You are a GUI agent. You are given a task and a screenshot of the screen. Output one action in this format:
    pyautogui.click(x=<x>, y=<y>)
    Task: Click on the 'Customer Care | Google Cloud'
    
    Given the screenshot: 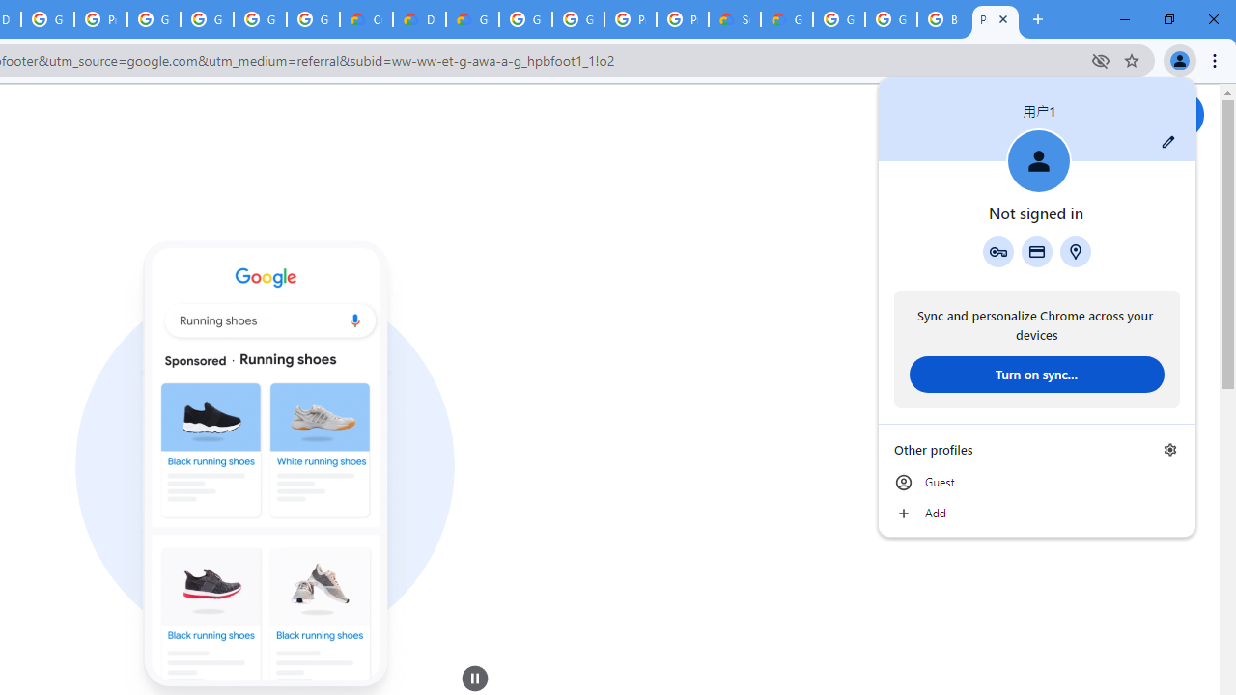 What is the action you would take?
    pyautogui.click(x=366, y=19)
    